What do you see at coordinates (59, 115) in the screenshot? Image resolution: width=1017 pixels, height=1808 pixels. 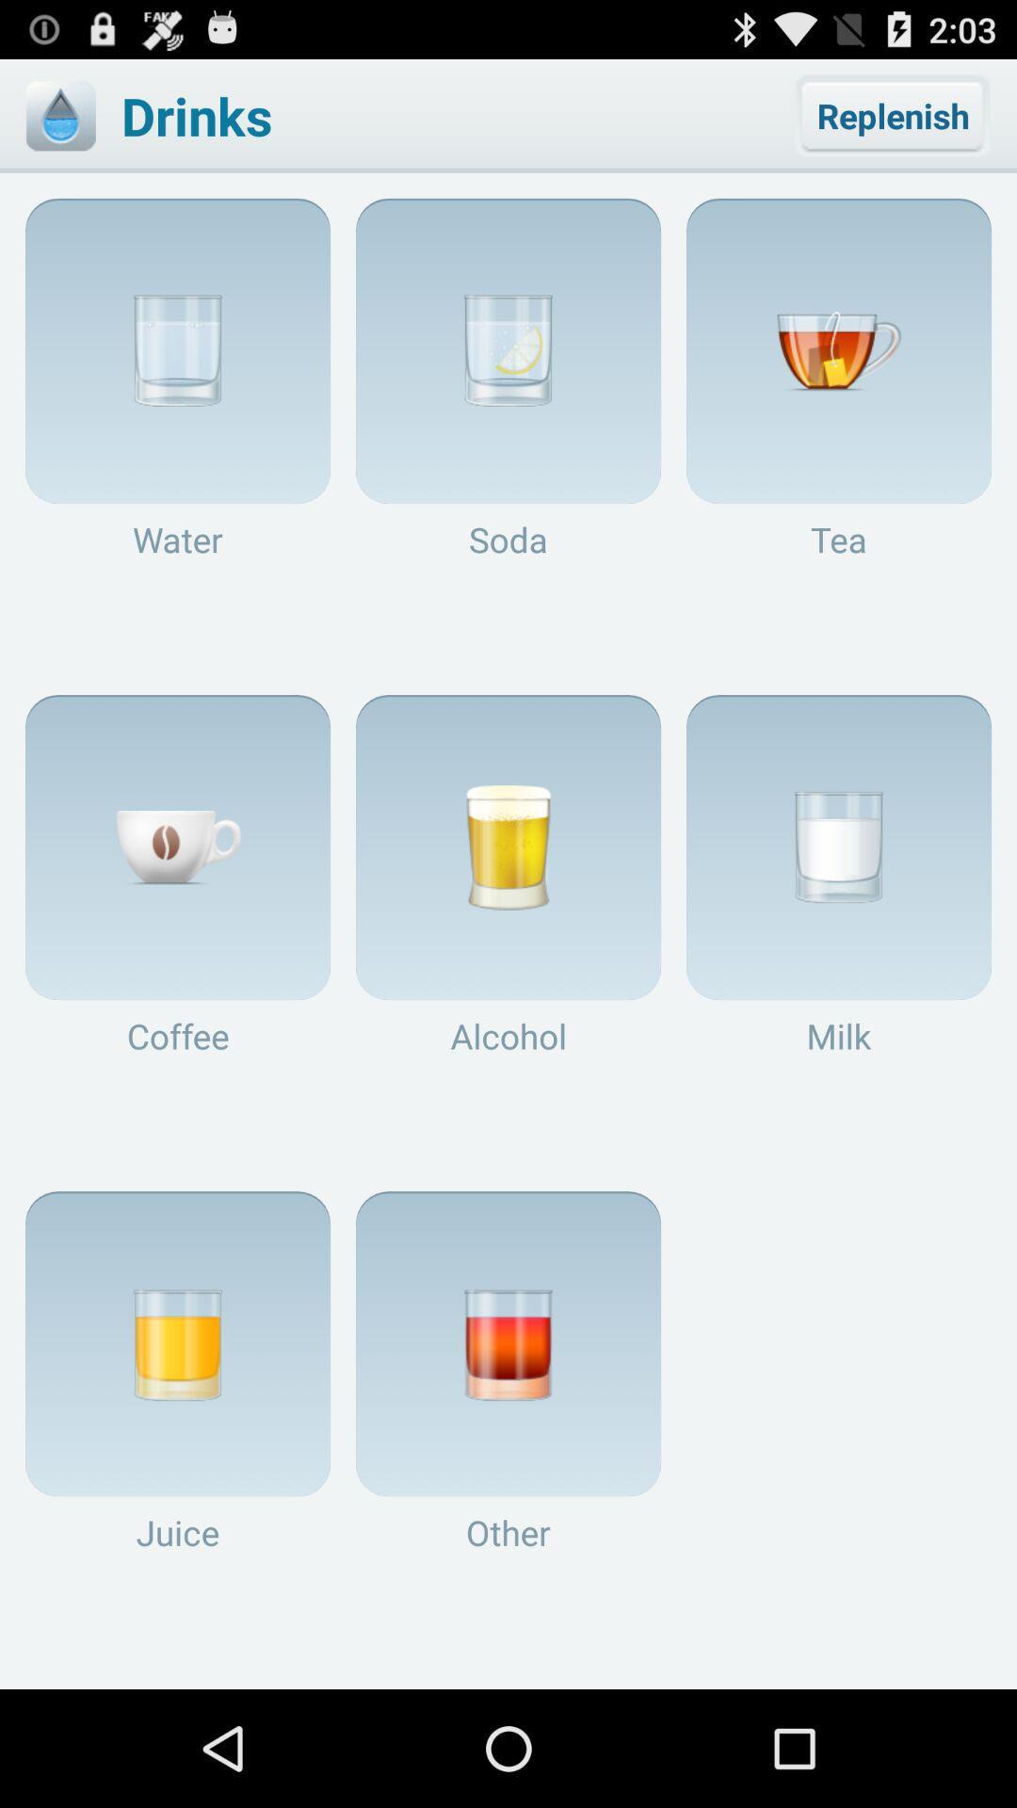 I see `home` at bounding box center [59, 115].